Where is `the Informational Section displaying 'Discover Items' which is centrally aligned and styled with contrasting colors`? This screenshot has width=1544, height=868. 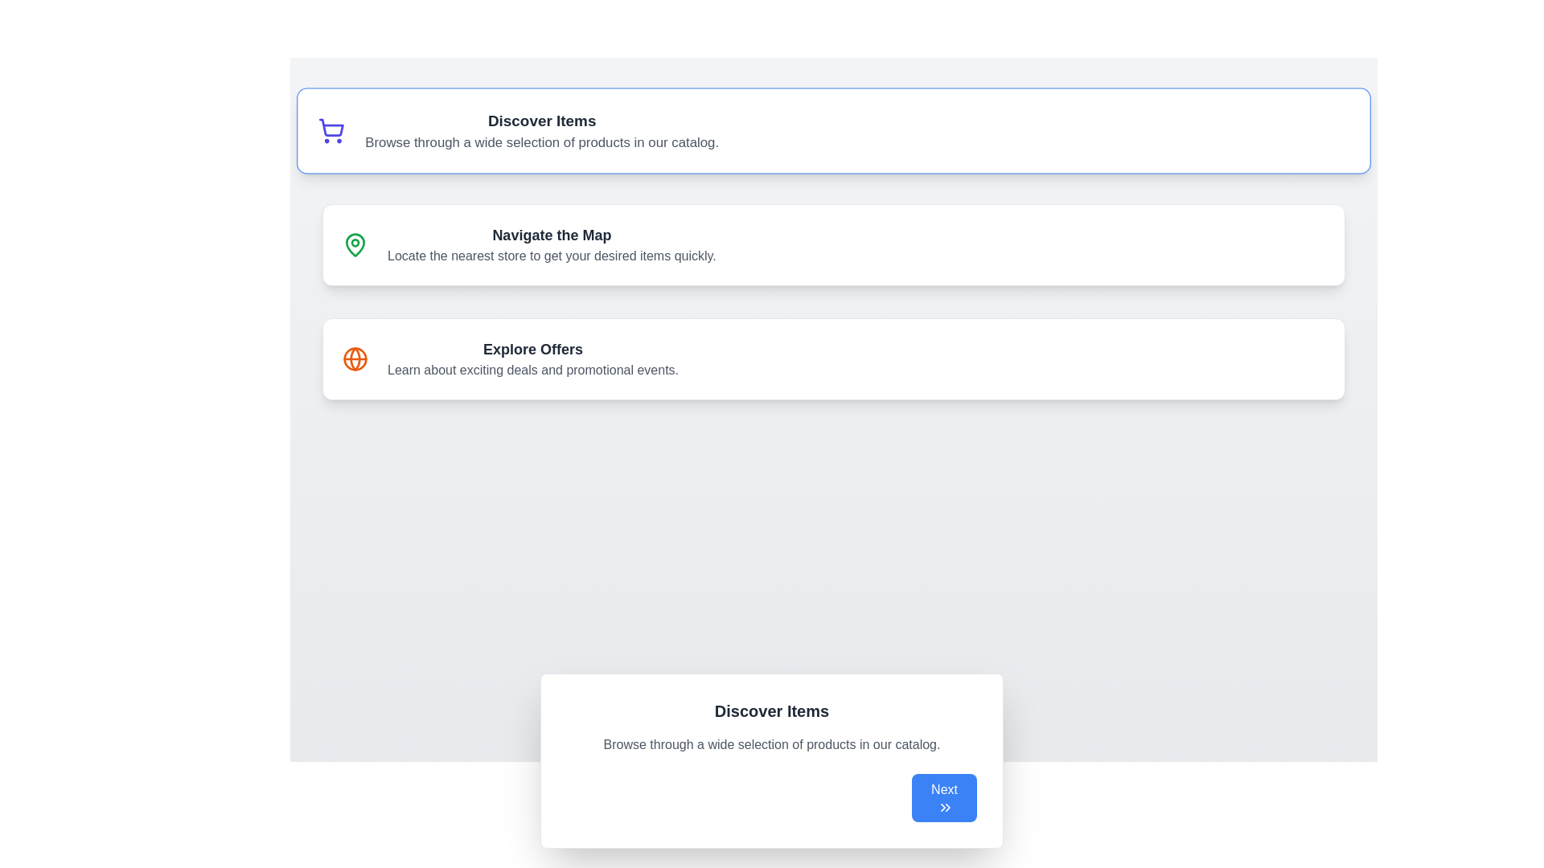 the Informational Section displaying 'Discover Items' which is centrally aligned and styled with contrasting colors is located at coordinates (542, 129).